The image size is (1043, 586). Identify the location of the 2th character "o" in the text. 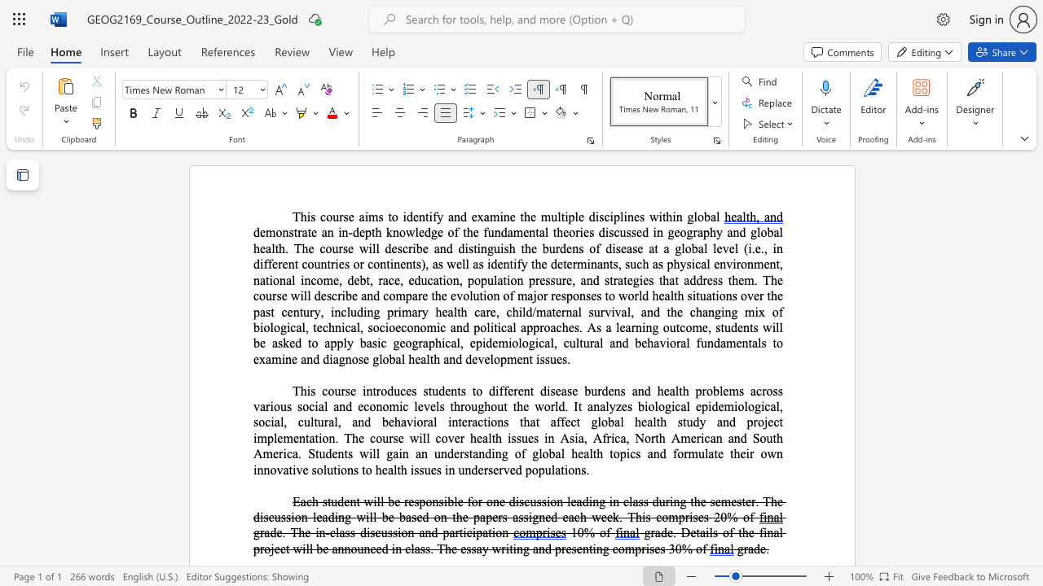
(514, 342).